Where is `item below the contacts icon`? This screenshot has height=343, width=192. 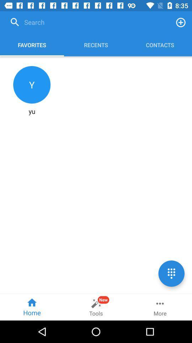
item below the contacts icon is located at coordinates (171, 273).